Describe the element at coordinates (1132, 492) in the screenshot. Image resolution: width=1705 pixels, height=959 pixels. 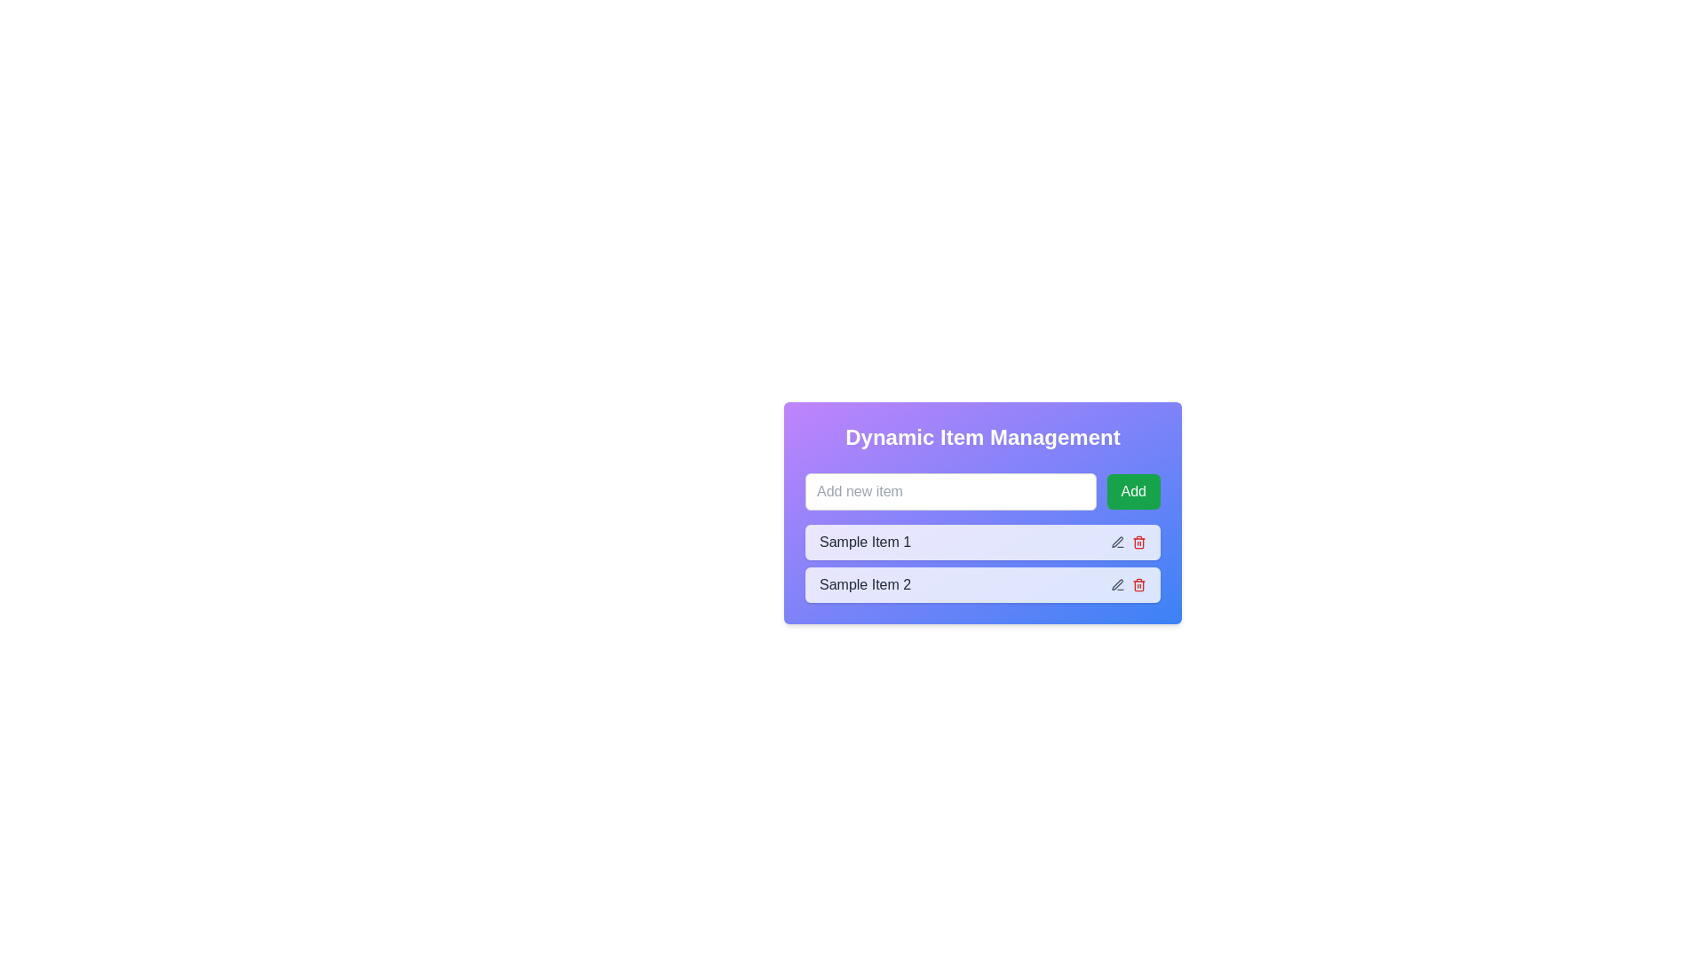
I see `the 'Add new item' button located to the right of the text input field` at that location.